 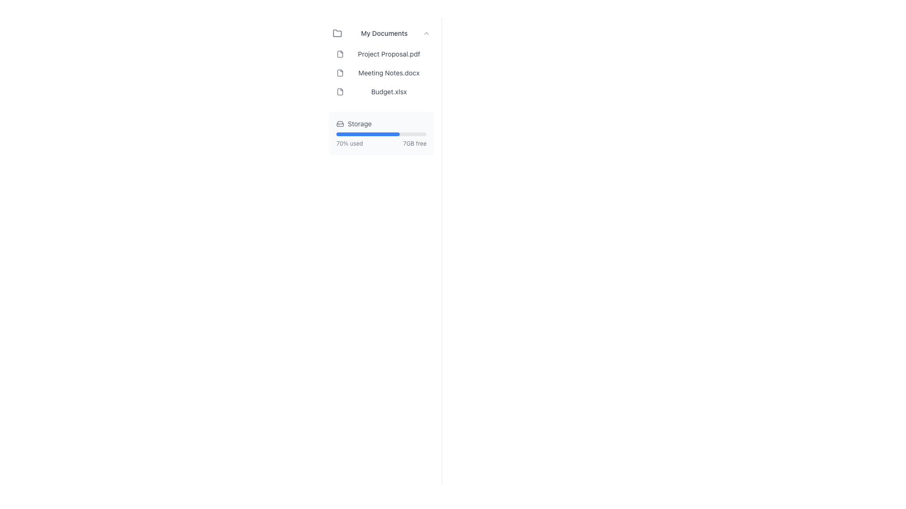 I want to click on the text label displaying the name of the file, so click(x=389, y=92).